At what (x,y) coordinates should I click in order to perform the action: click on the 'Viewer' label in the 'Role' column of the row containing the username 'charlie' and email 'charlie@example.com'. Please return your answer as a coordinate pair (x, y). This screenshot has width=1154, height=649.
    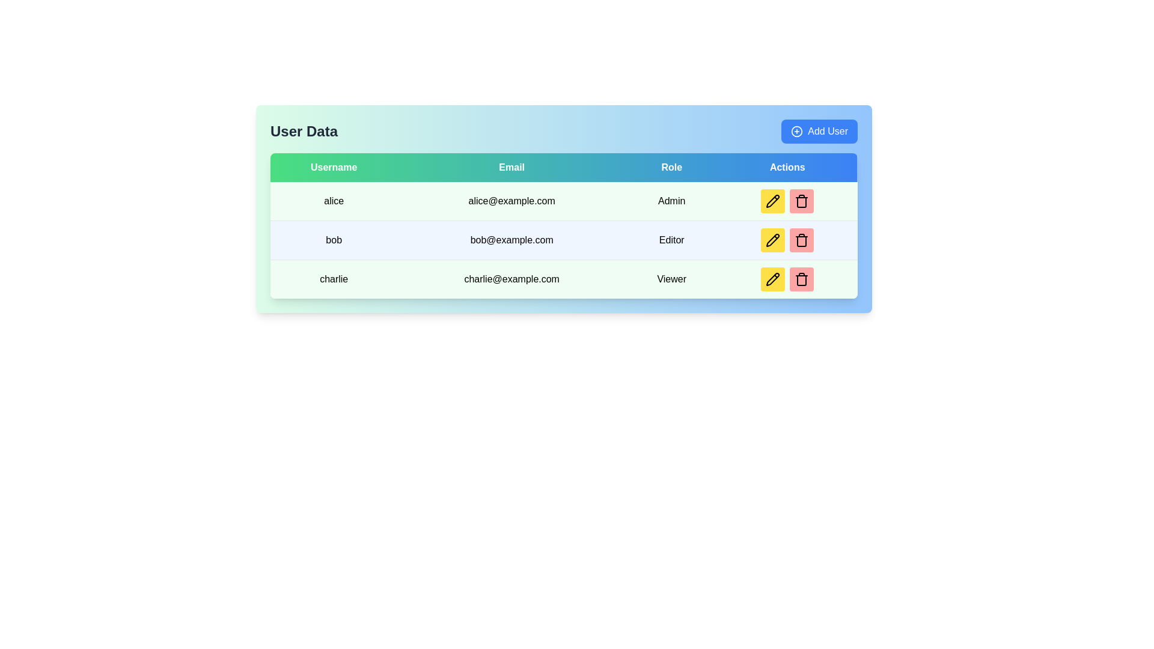
    Looking at the image, I should click on (671, 279).